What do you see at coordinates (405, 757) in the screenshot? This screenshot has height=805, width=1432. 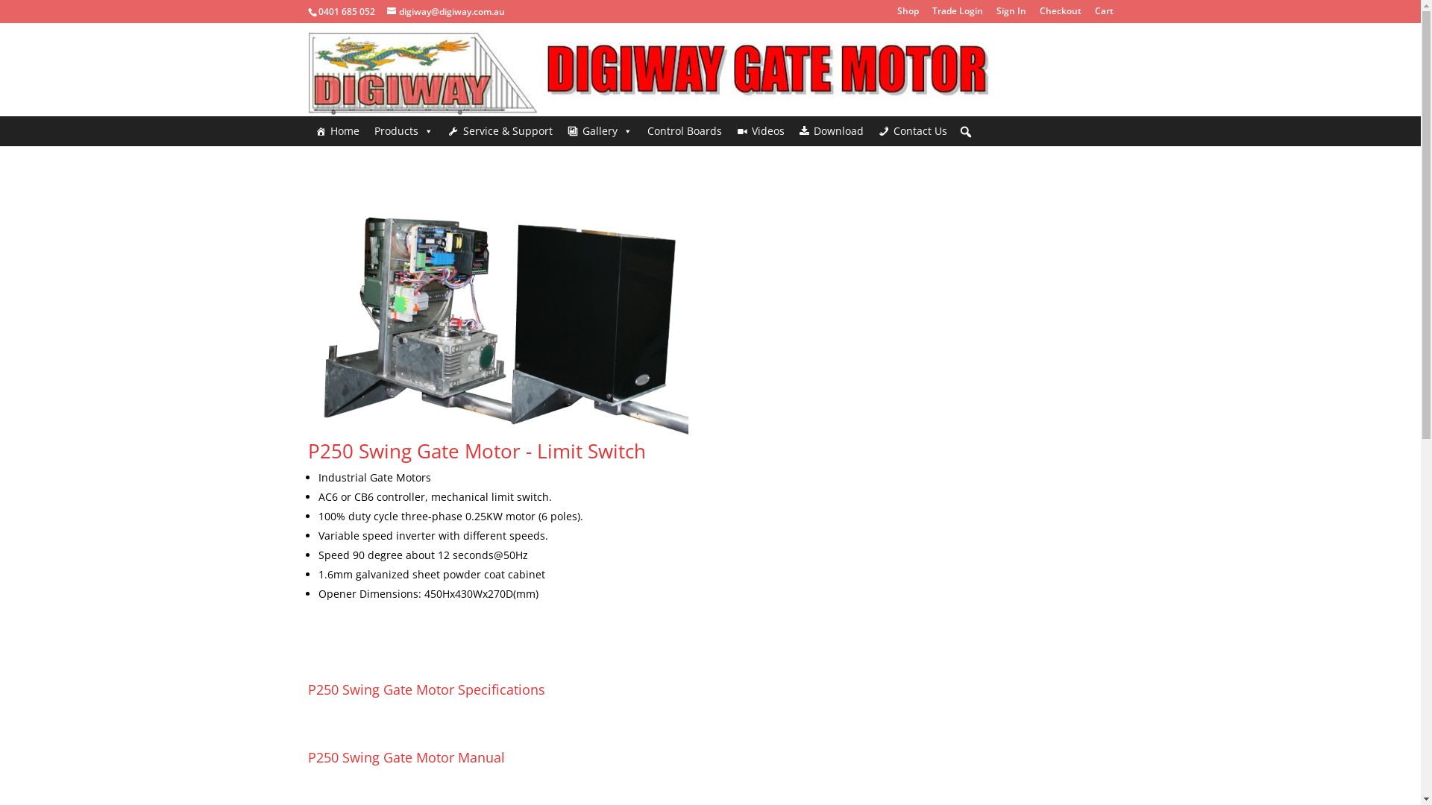 I see `'P250 Swing Gate Motor Manual'` at bounding box center [405, 757].